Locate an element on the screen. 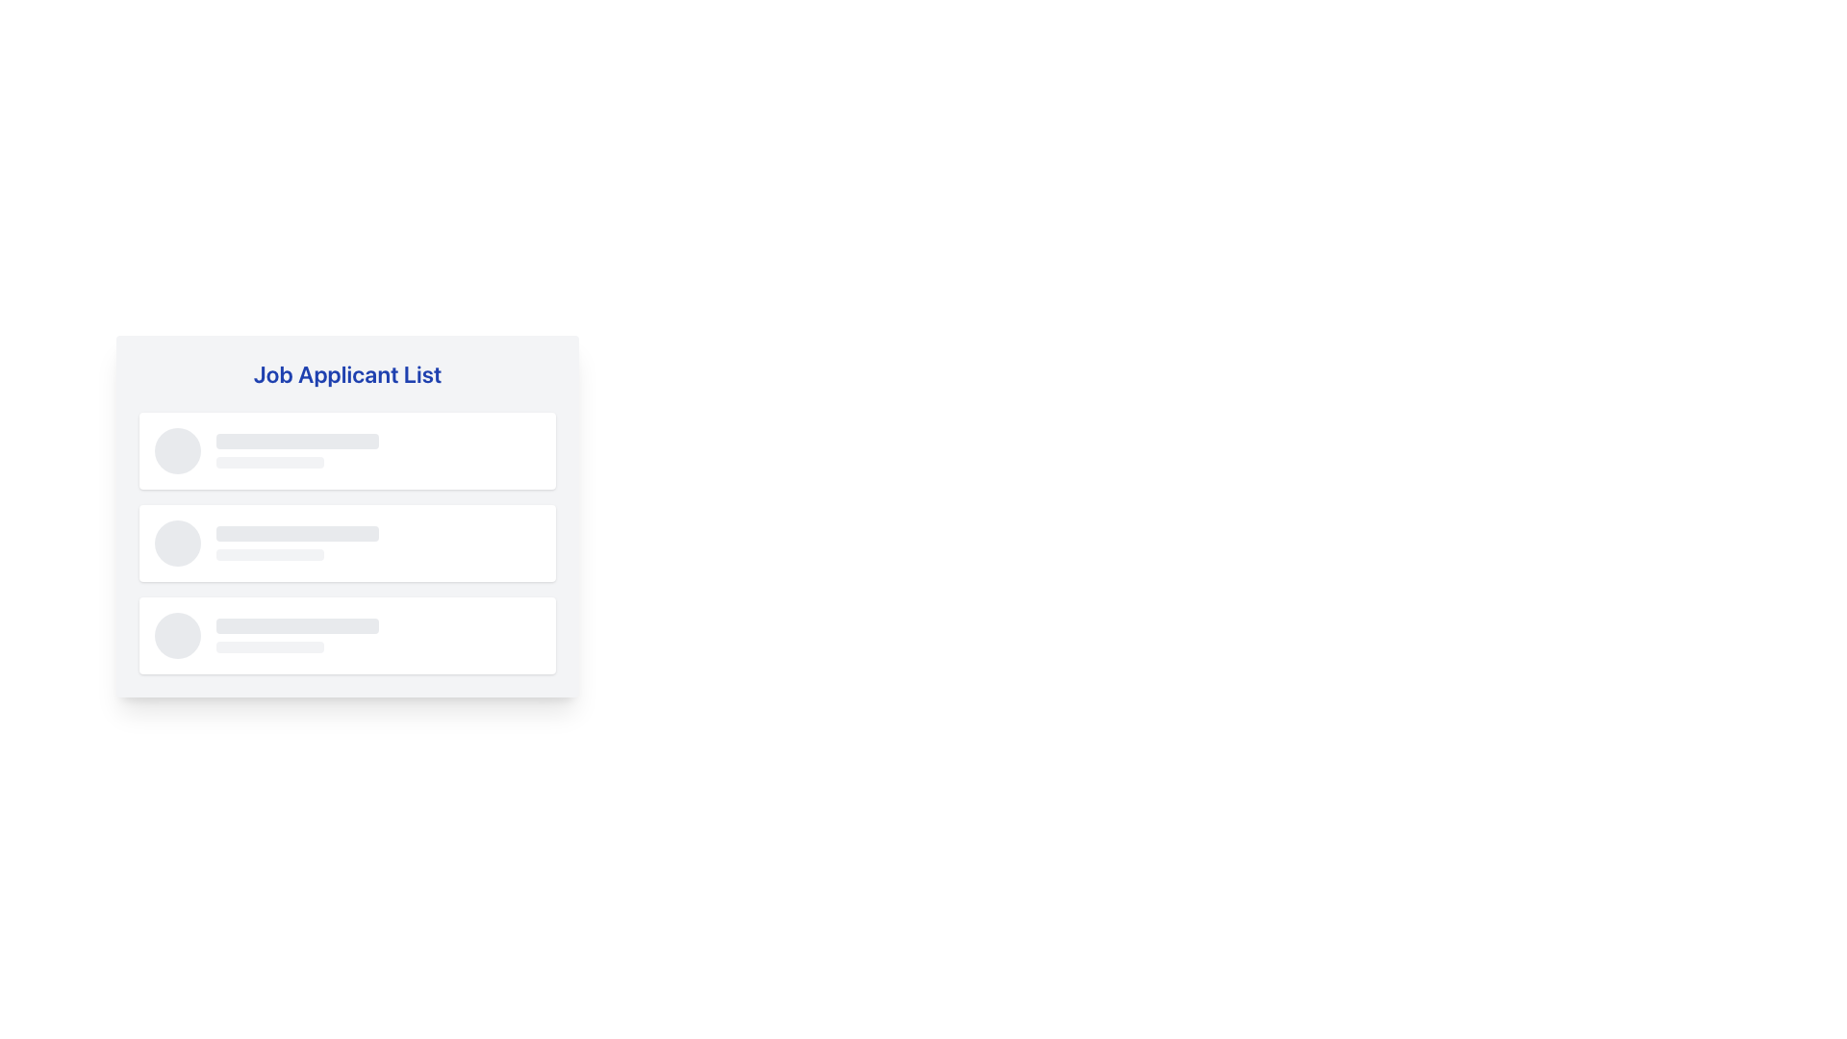  the second List Item Card representing a job applicant's summary in the Job Applicant List is located at coordinates (347, 543).